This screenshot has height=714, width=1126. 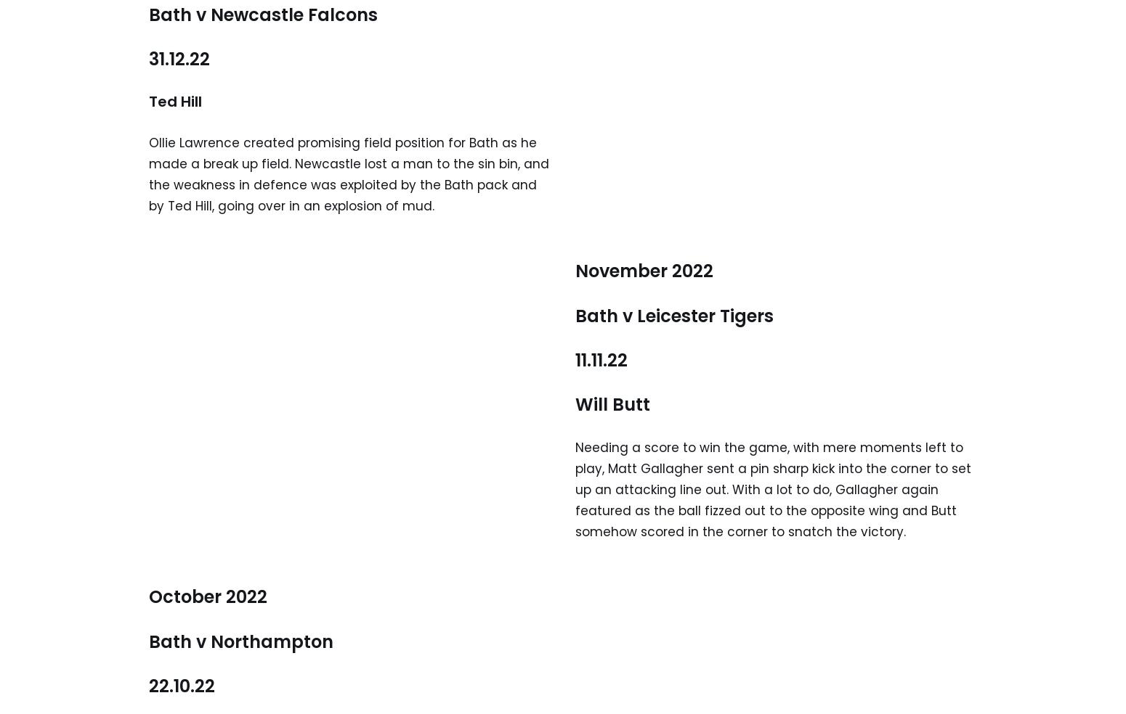 I want to click on 'Bath v Newcastle Falcons', so click(x=262, y=13).